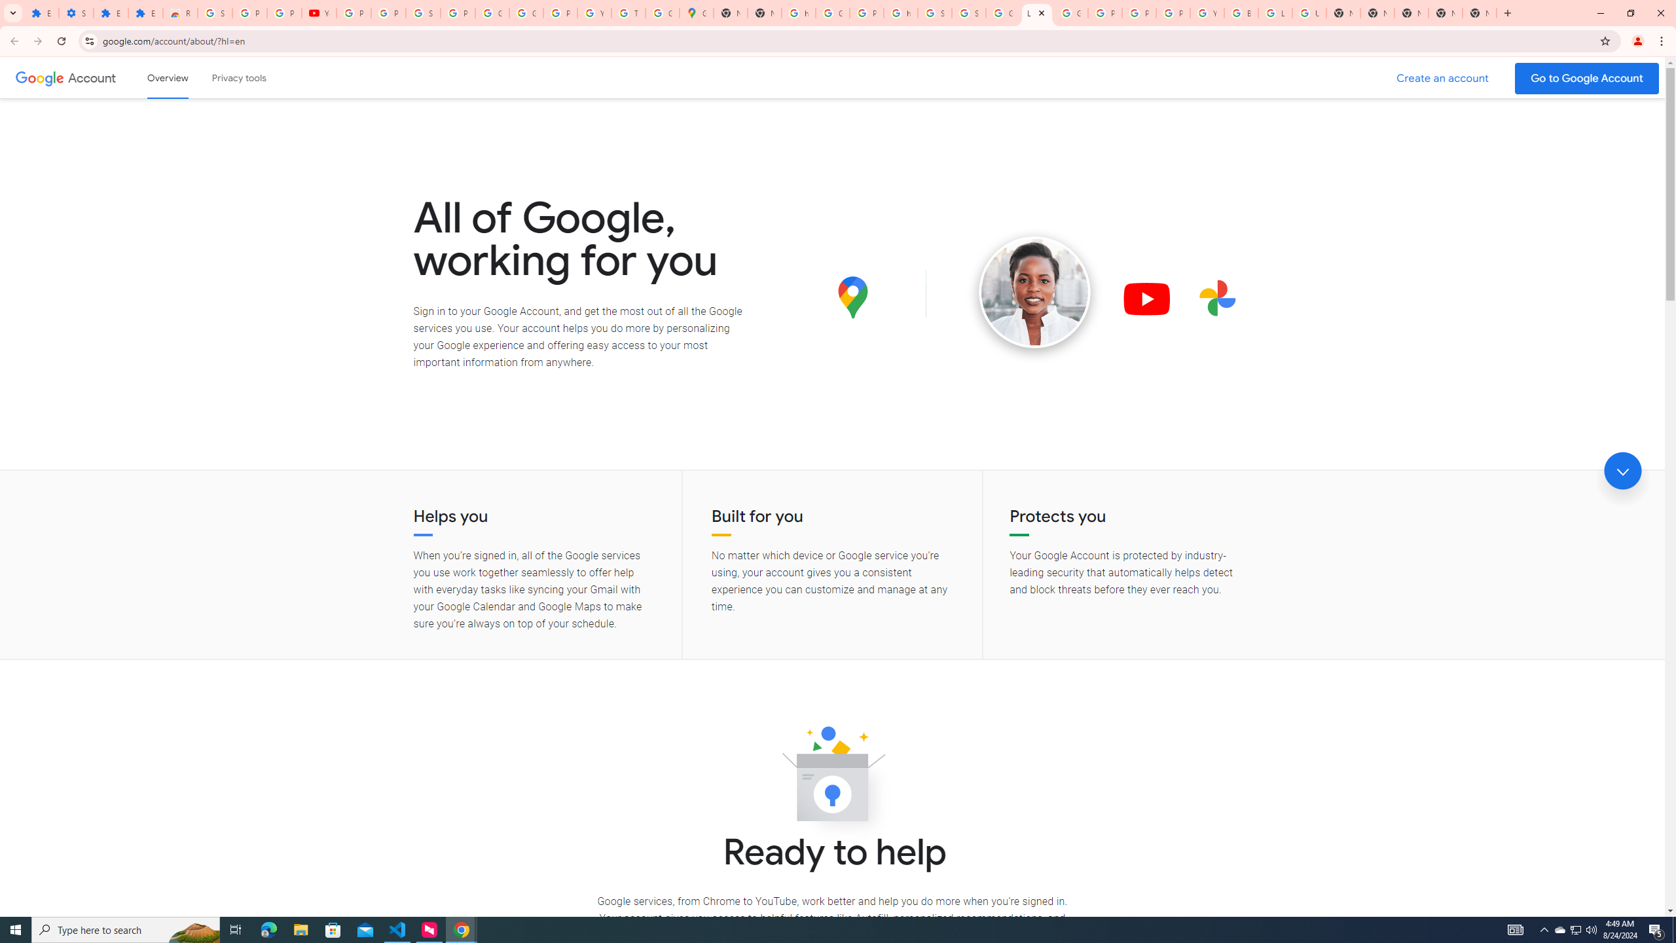  What do you see at coordinates (39, 77) in the screenshot?
I see `'Google logo'` at bounding box center [39, 77].